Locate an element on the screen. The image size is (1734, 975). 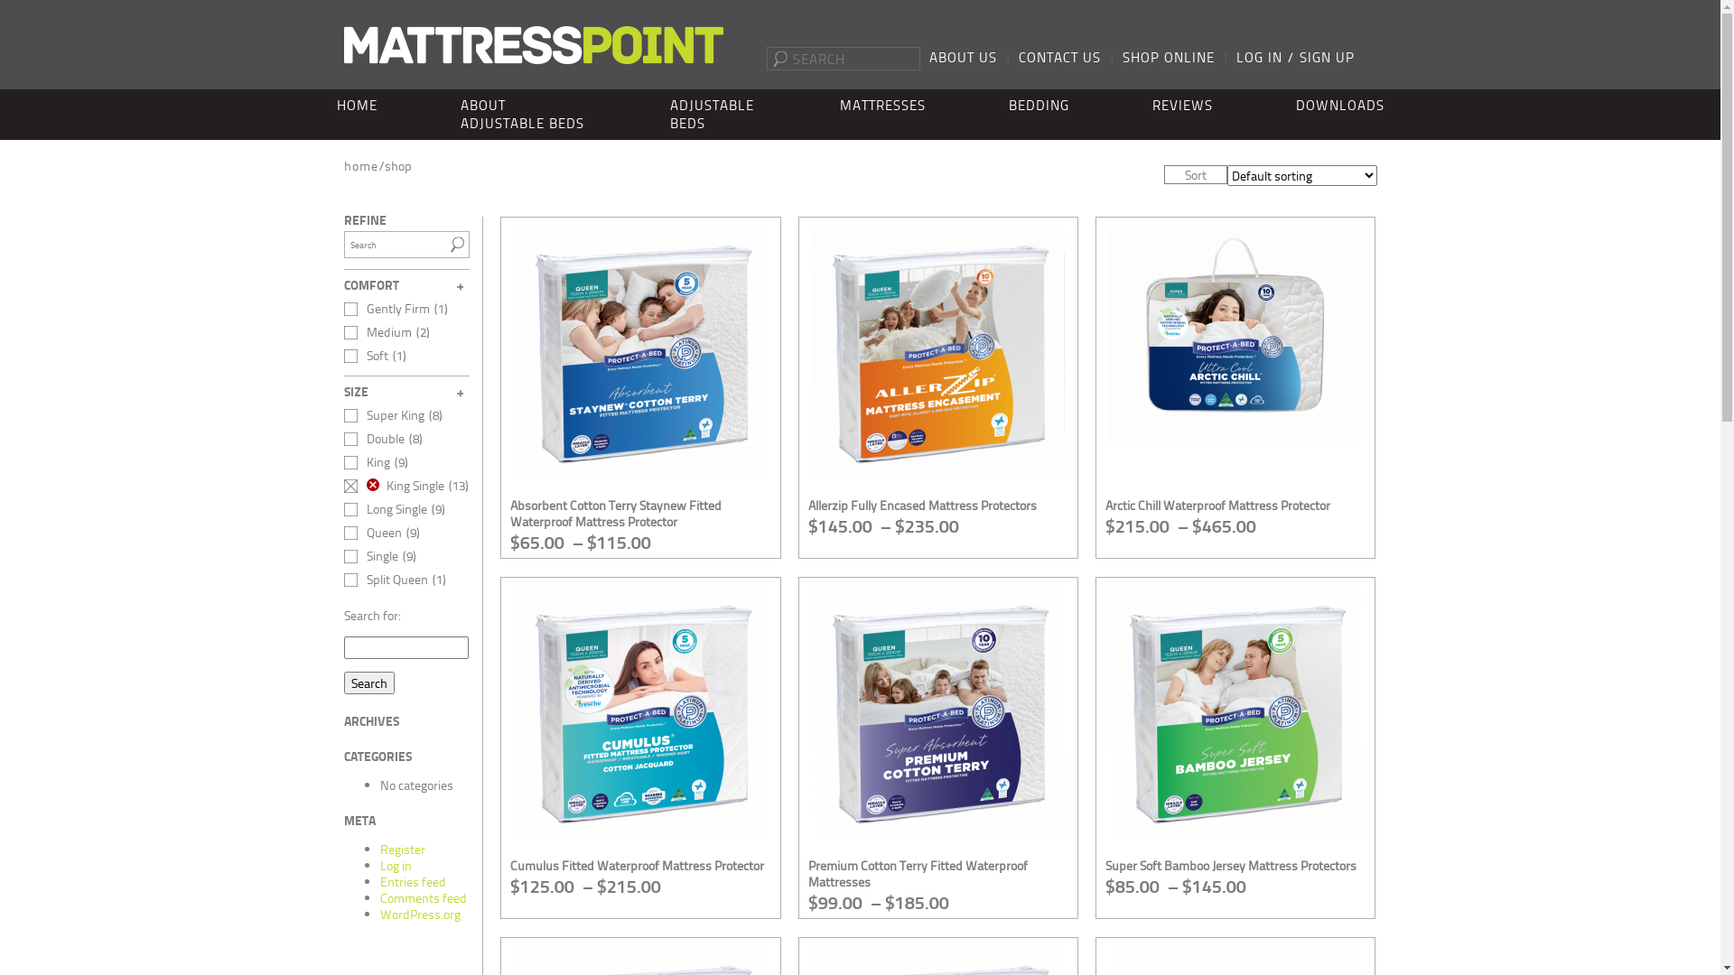
'LOG IN / SIGN UP' is located at coordinates (1293, 56).